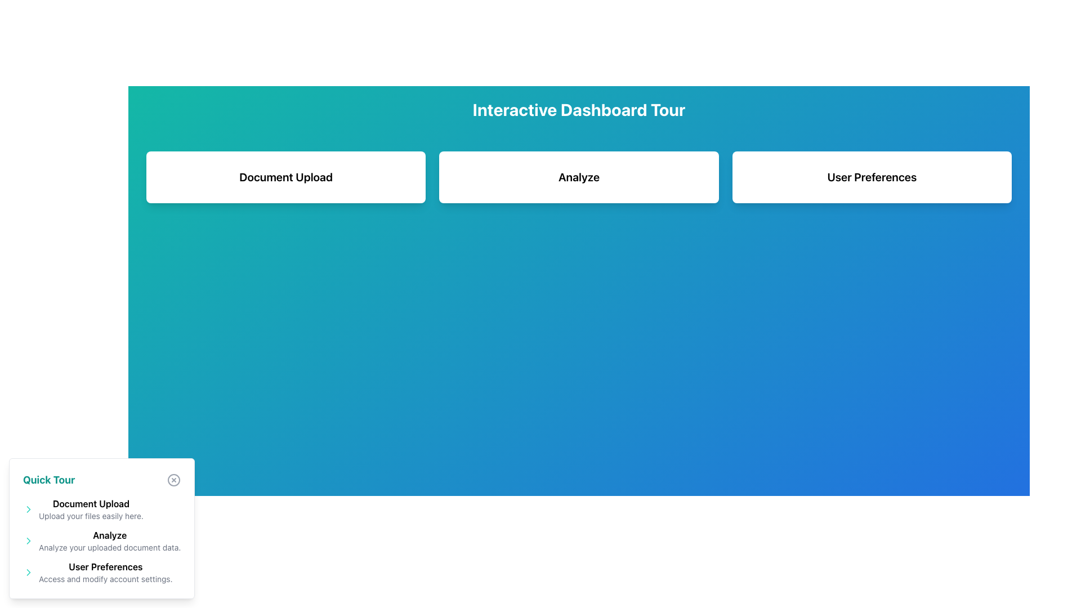 The width and height of the screenshot is (1081, 608). I want to click on the text-based informational label located under the 'Quick Tour' section, which serves as a navigation entry point for user preferences, so click(105, 573).